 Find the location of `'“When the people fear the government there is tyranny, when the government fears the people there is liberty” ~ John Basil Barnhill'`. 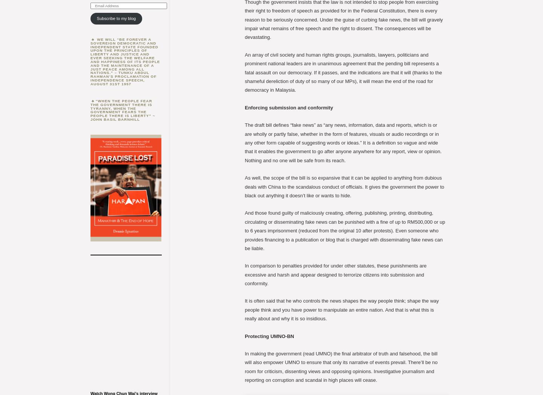

'“When the people fear the government there is tyranny, when the government fears the people there is liberty” ~ John Basil Barnhill' is located at coordinates (123, 109).